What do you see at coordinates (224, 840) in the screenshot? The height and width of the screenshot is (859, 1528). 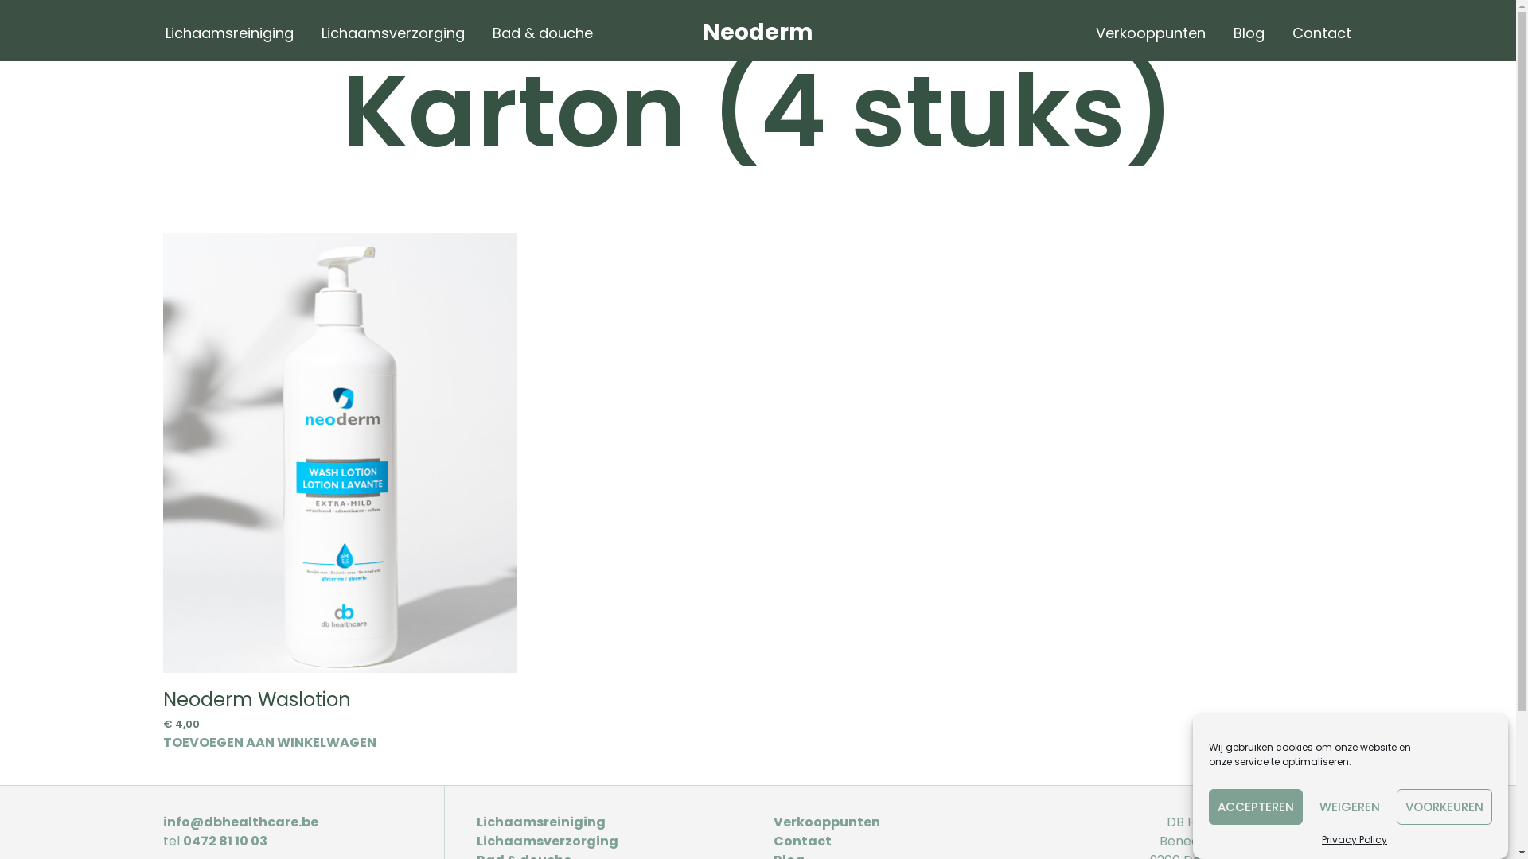 I see `'0472 81 10 03'` at bounding box center [224, 840].